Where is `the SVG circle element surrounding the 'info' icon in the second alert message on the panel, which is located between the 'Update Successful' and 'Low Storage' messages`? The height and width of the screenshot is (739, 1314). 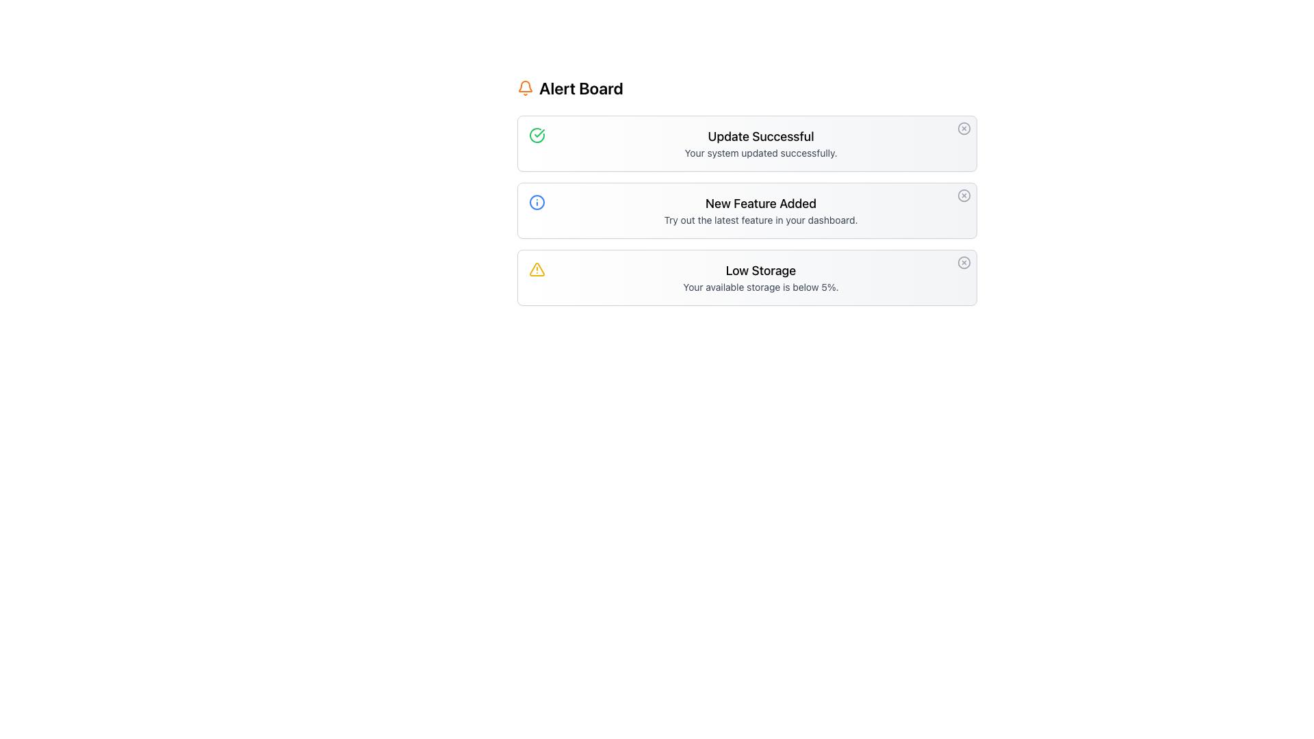
the SVG circle element surrounding the 'info' icon in the second alert message on the panel, which is located between the 'Update Successful' and 'Low Storage' messages is located at coordinates (537, 203).